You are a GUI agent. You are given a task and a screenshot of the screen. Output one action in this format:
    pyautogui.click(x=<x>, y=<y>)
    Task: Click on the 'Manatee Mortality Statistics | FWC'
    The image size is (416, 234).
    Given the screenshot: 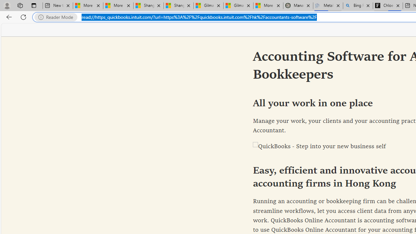 What is the action you would take?
    pyautogui.click(x=298, y=6)
    